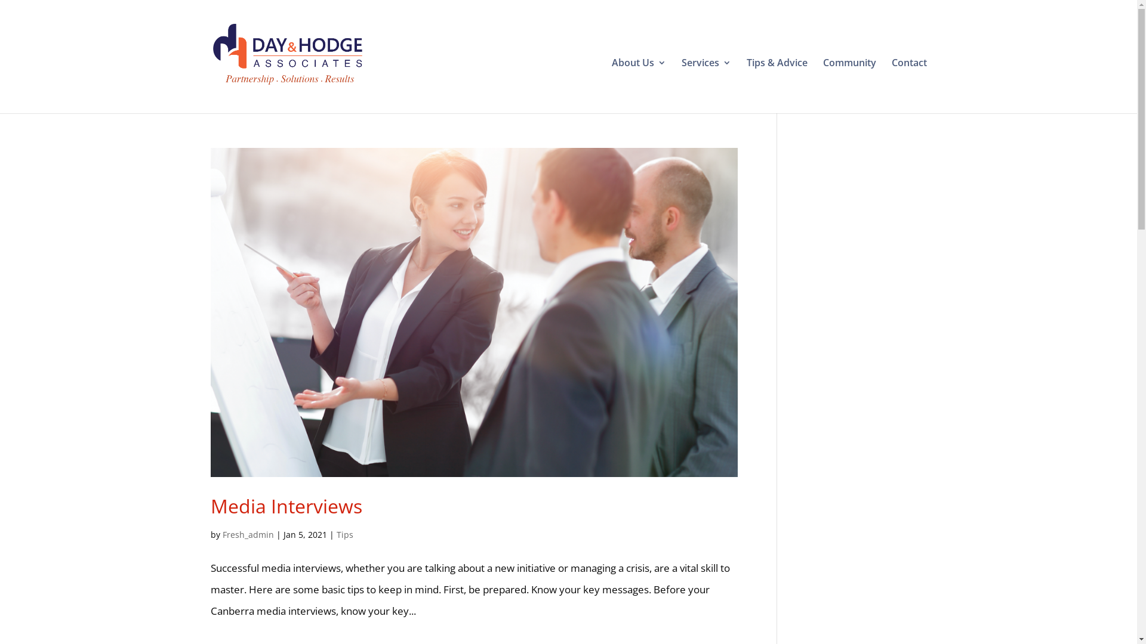  What do you see at coordinates (848, 79) in the screenshot?
I see `'Community'` at bounding box center [848, 79].